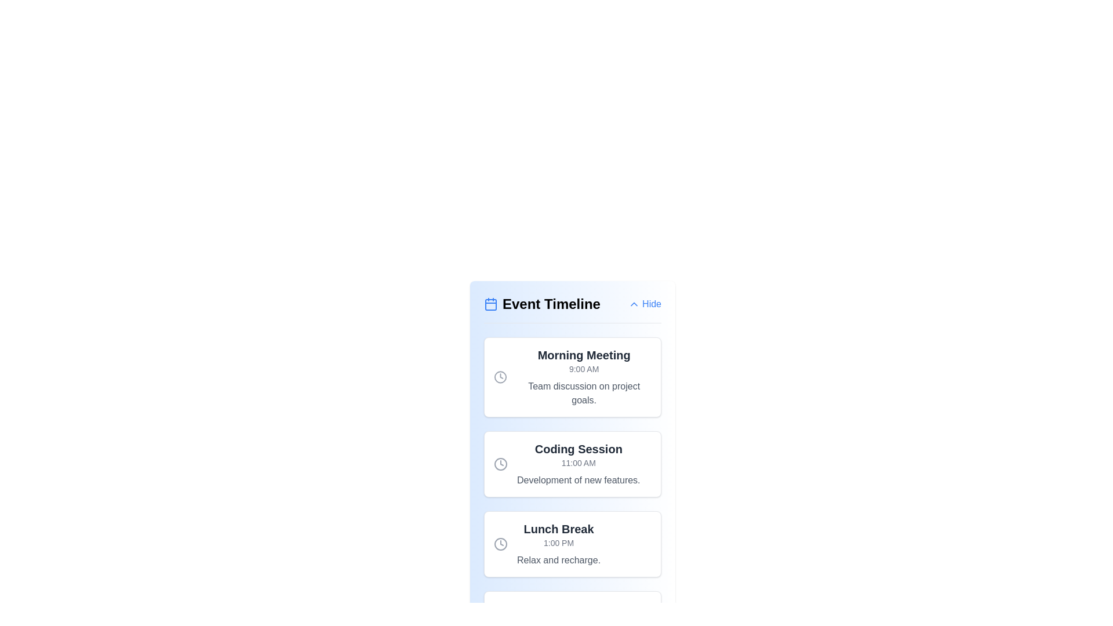  Describe the element at coordinates (541, 303) in the screenshot. I see `the 'Event Timeline' text label, which is a bold text element with a calendar icon in blue` at that location.